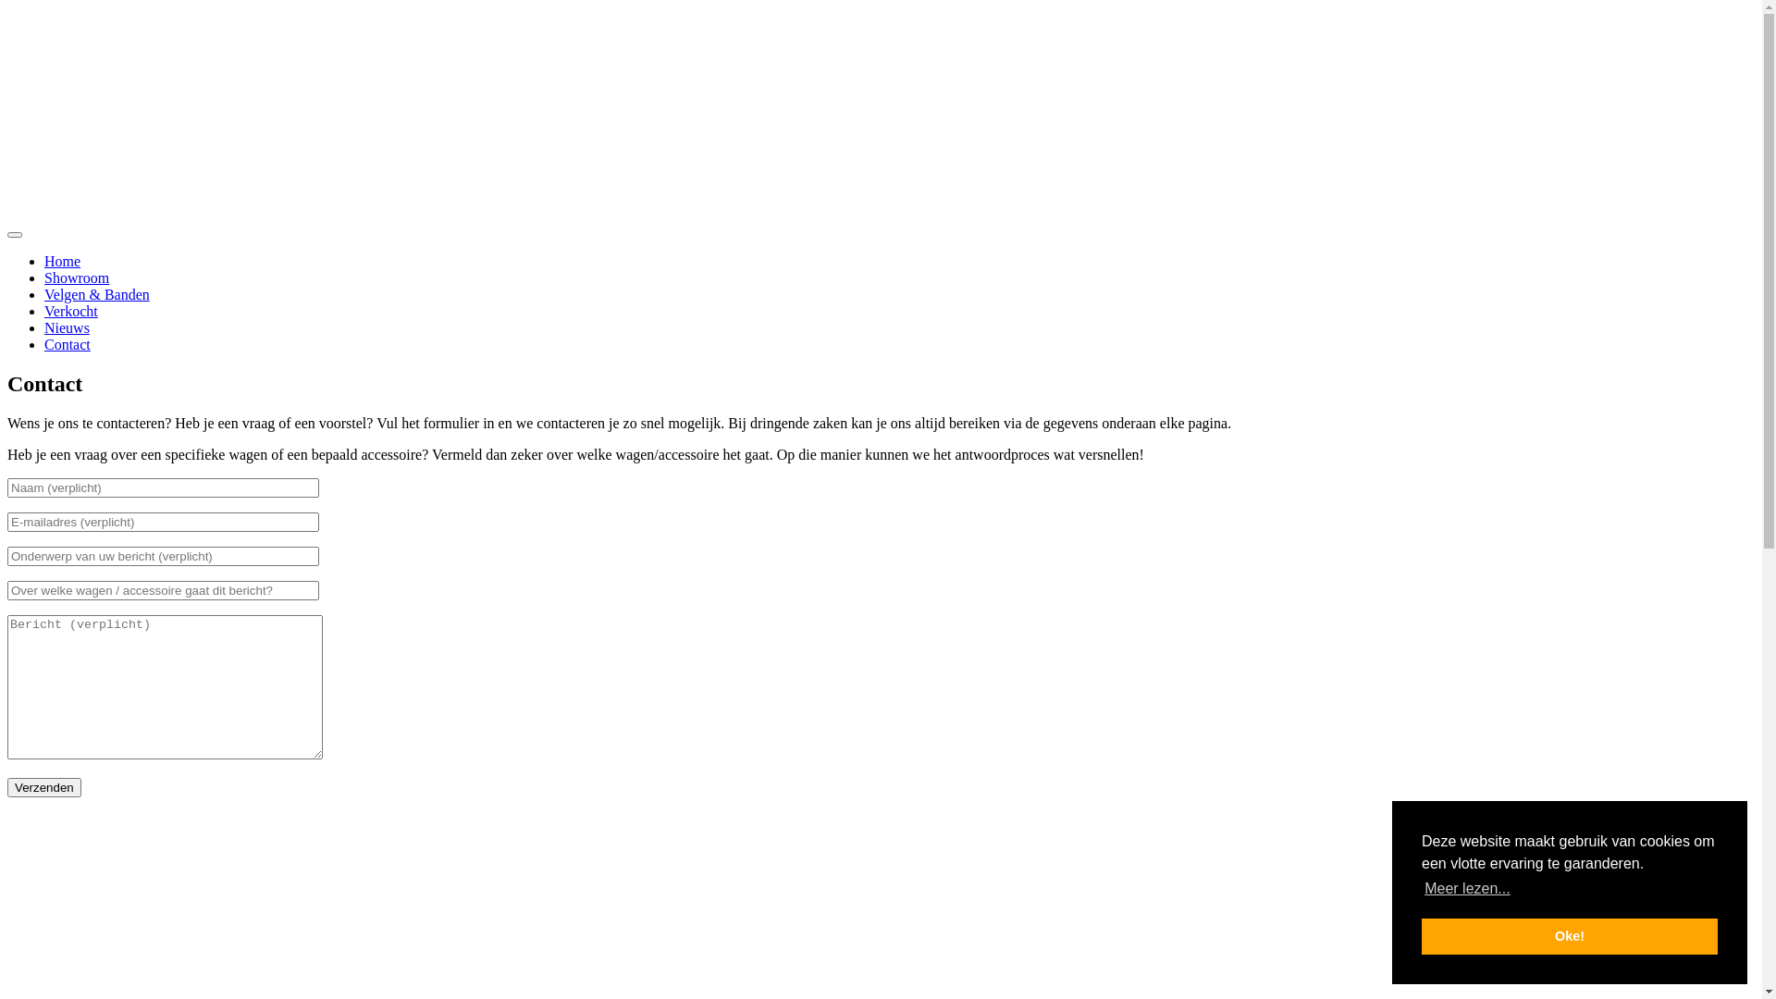 The height and width of the screenshot is (999, 1776). Describe the element at coordinates (1569, 935) in the screenshot. I see `'Oke!'` at that location.